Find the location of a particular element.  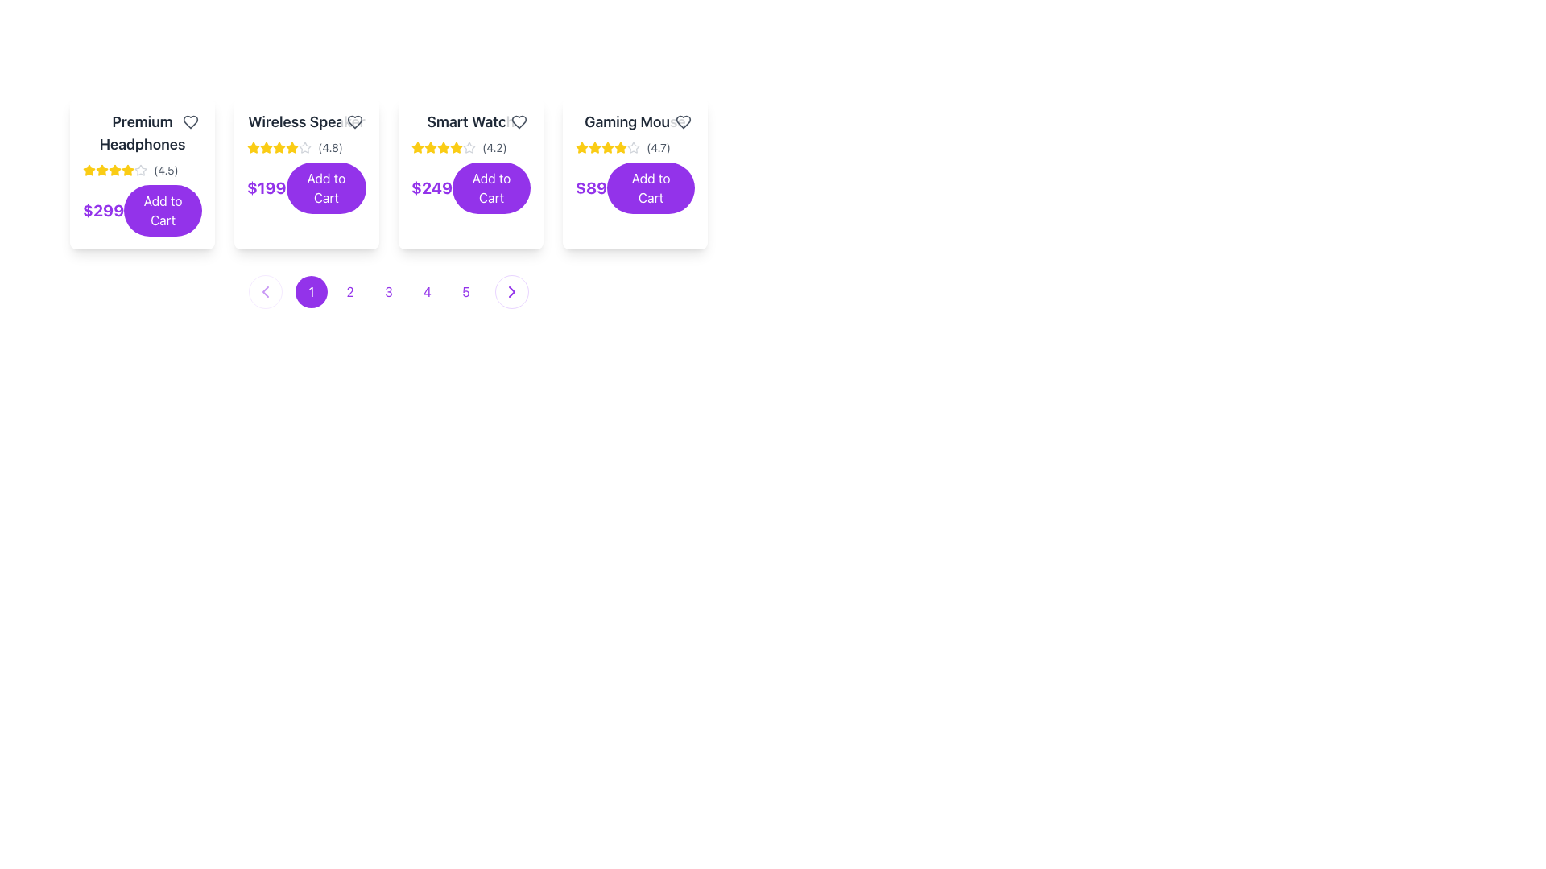

the heart-shaped icon in the top-right corner of the 'Smart Watch' card is located at coordinates (519, 121).